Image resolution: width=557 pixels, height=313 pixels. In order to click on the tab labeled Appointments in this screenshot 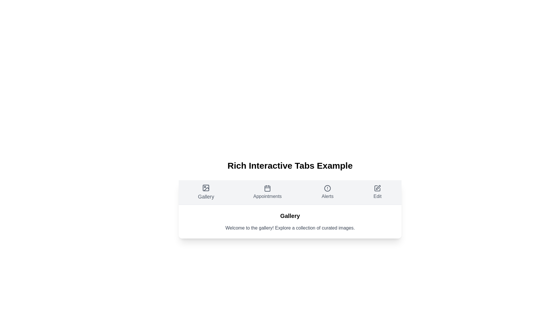, I will do `click(267, 192)`.